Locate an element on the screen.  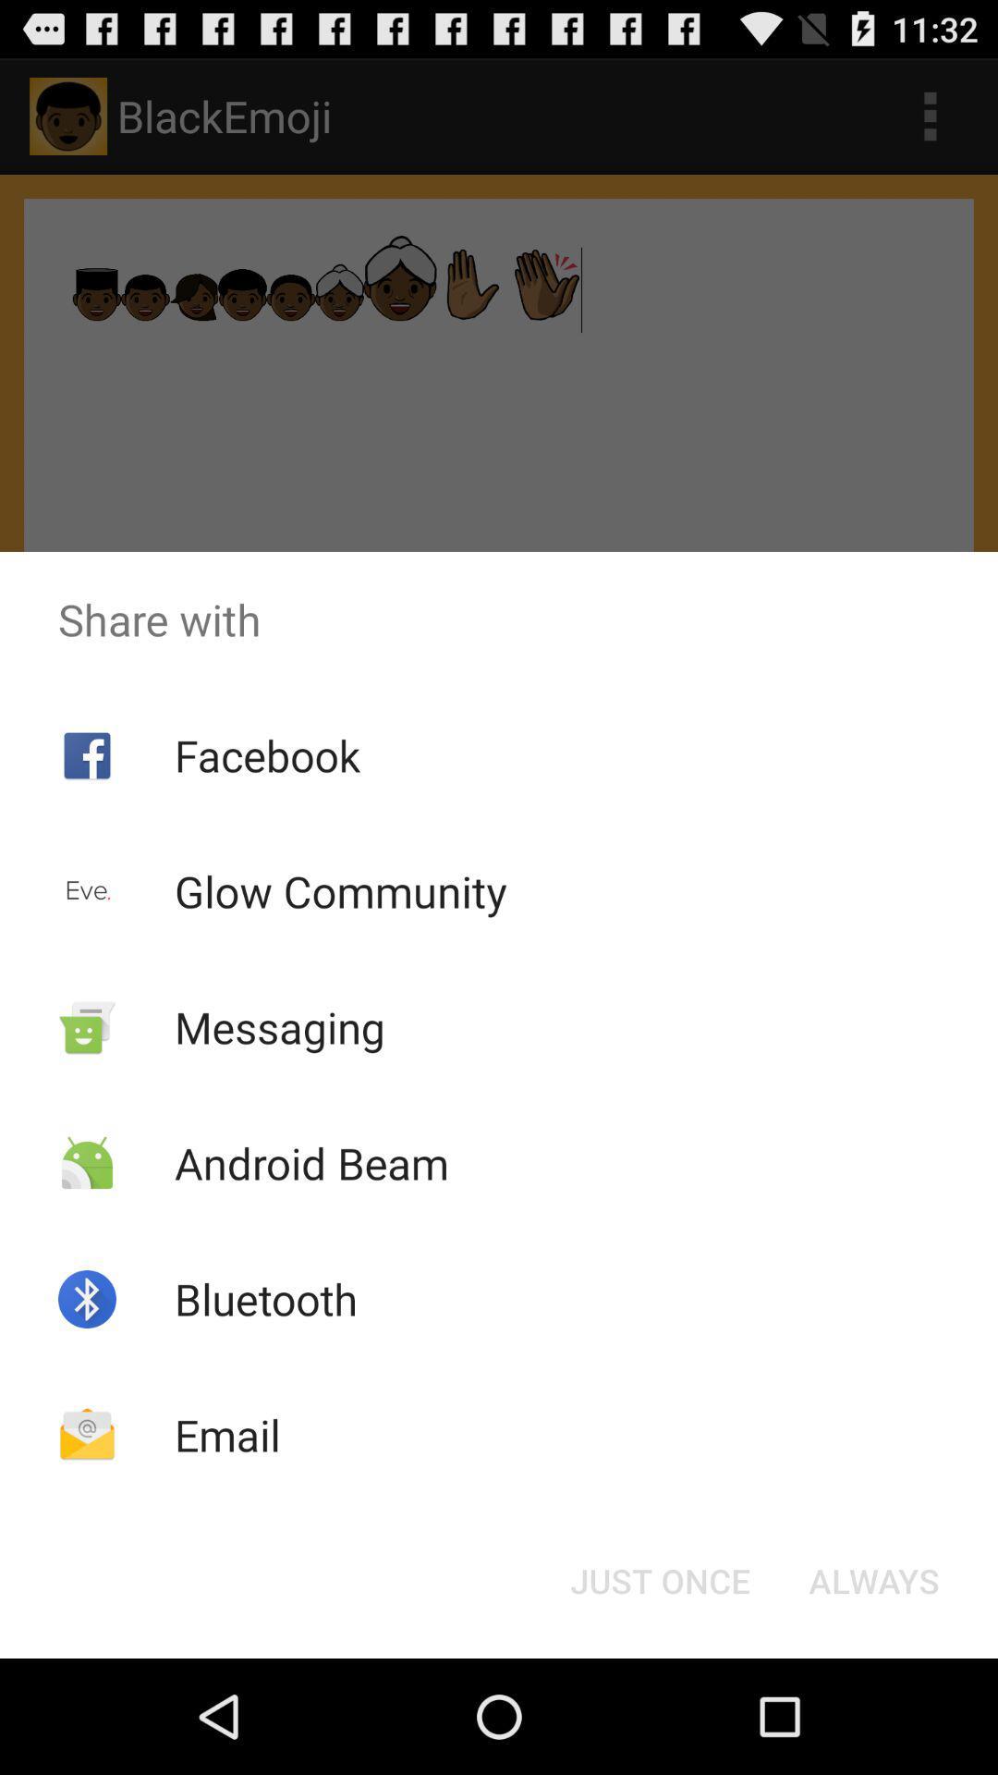
the app below glow community is located at coordinates (280, 1026).